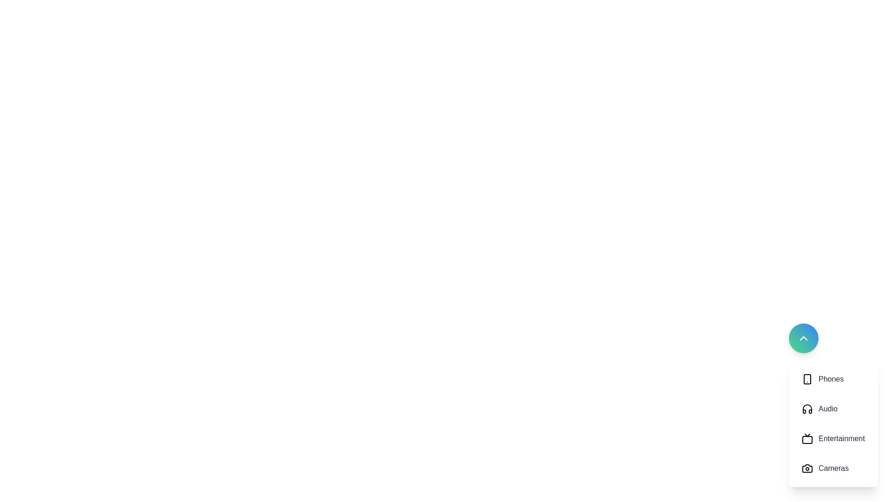  Describe the element at coordinates (833, 408) in the screenshot. I see `the category button labeled 'Audio' to observe any visual changes or tooltips` at that location.